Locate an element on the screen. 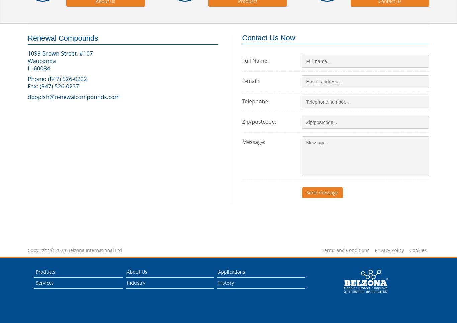 This screenshot has height=323, width=457. 'Contact Us Now' is located at coordinates (268, 37).